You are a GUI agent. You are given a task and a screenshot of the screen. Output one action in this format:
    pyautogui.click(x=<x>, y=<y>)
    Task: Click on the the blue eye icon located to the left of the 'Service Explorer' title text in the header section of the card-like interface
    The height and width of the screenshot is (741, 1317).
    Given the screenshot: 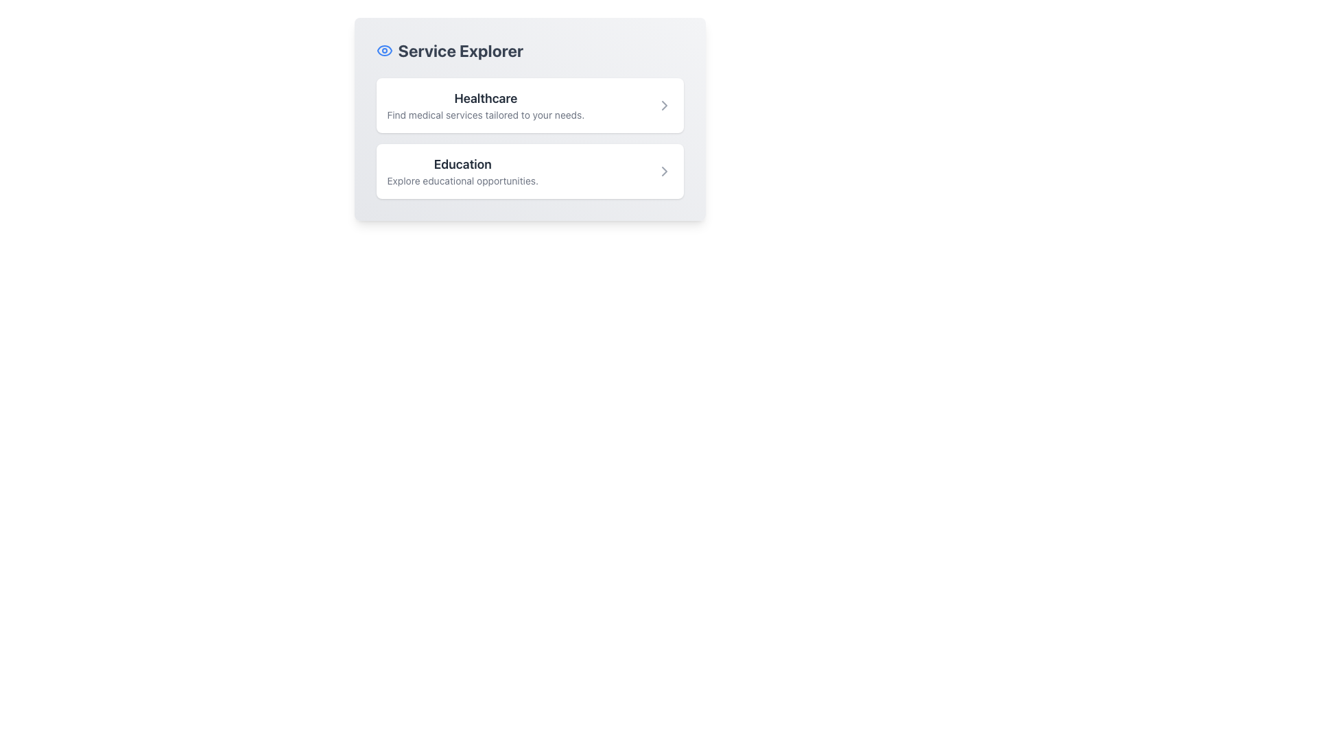 What is the action you would take?
    pyautogui.click(x=384, y=49)
    